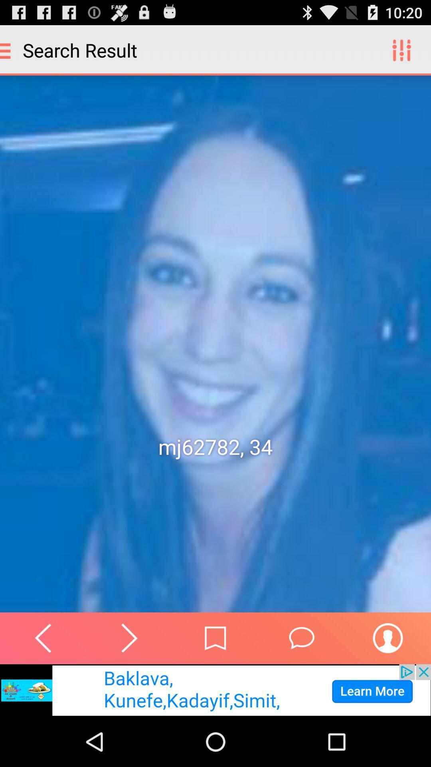 This screenshot has height=767, width=431. What do you see at coordinates (388, 638) in the screenshot?
I see `open persons information` at bounding box center [388, 638].